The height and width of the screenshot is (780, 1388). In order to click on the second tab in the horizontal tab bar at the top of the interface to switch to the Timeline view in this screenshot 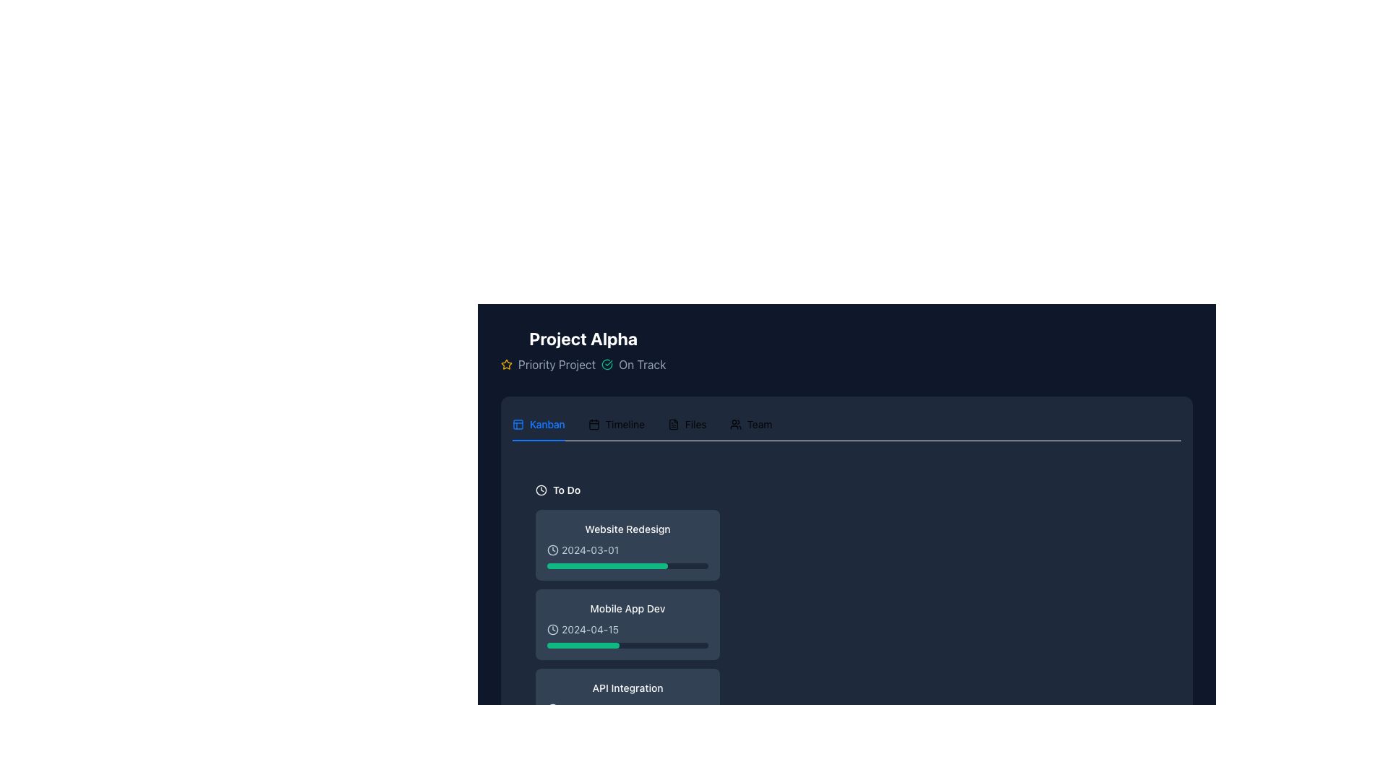, I will do `click(616, 423)`.